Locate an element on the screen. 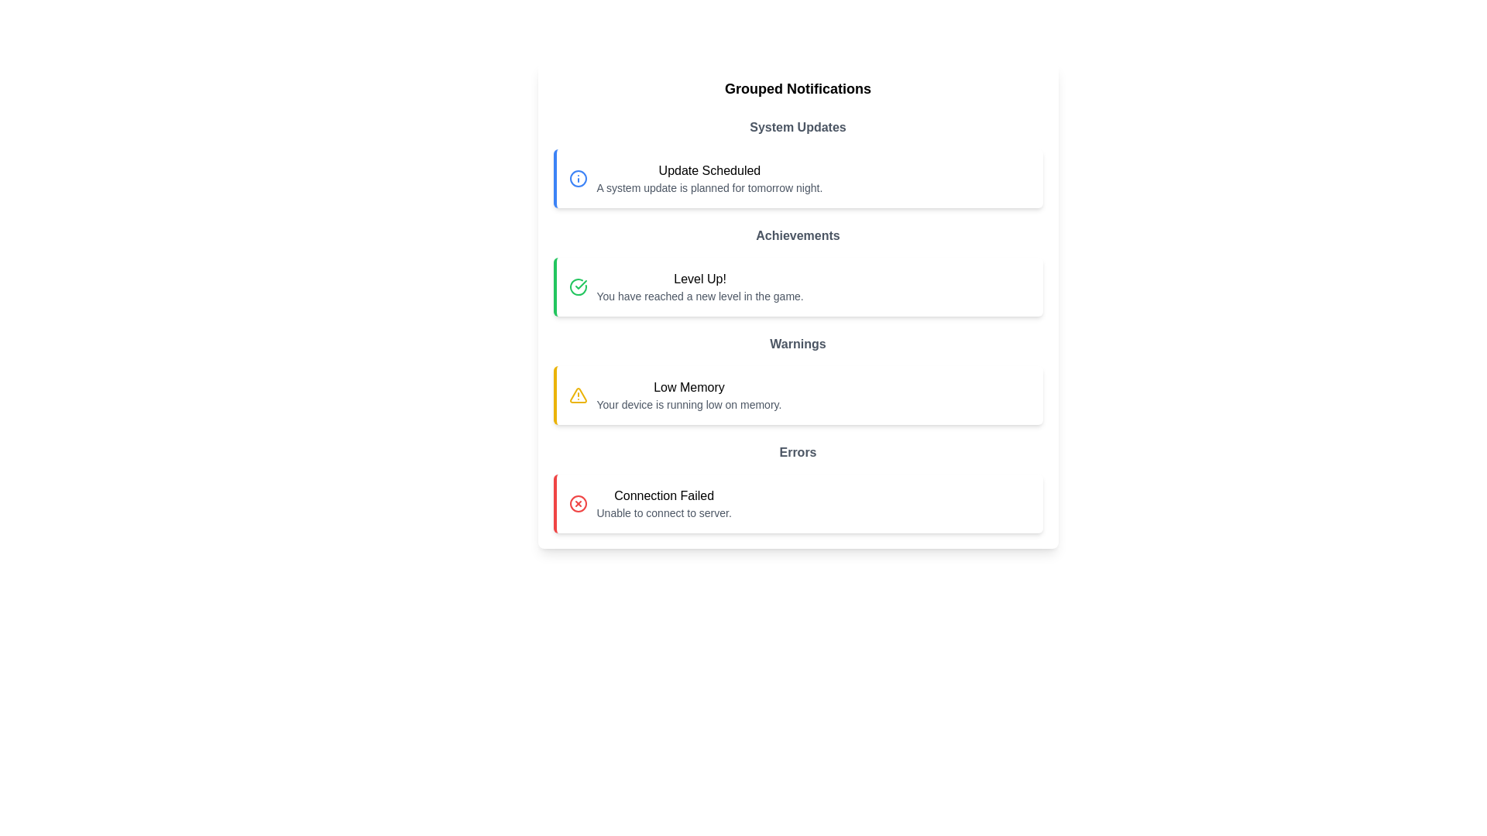 The height and width of the screenshot is (836, 1487). the circular icon located in the top-left corner of the 'System Updates' notification section, which is part of a blue-bordered entry titled 'Update Scheduled' is located at coordinates (577, 178).